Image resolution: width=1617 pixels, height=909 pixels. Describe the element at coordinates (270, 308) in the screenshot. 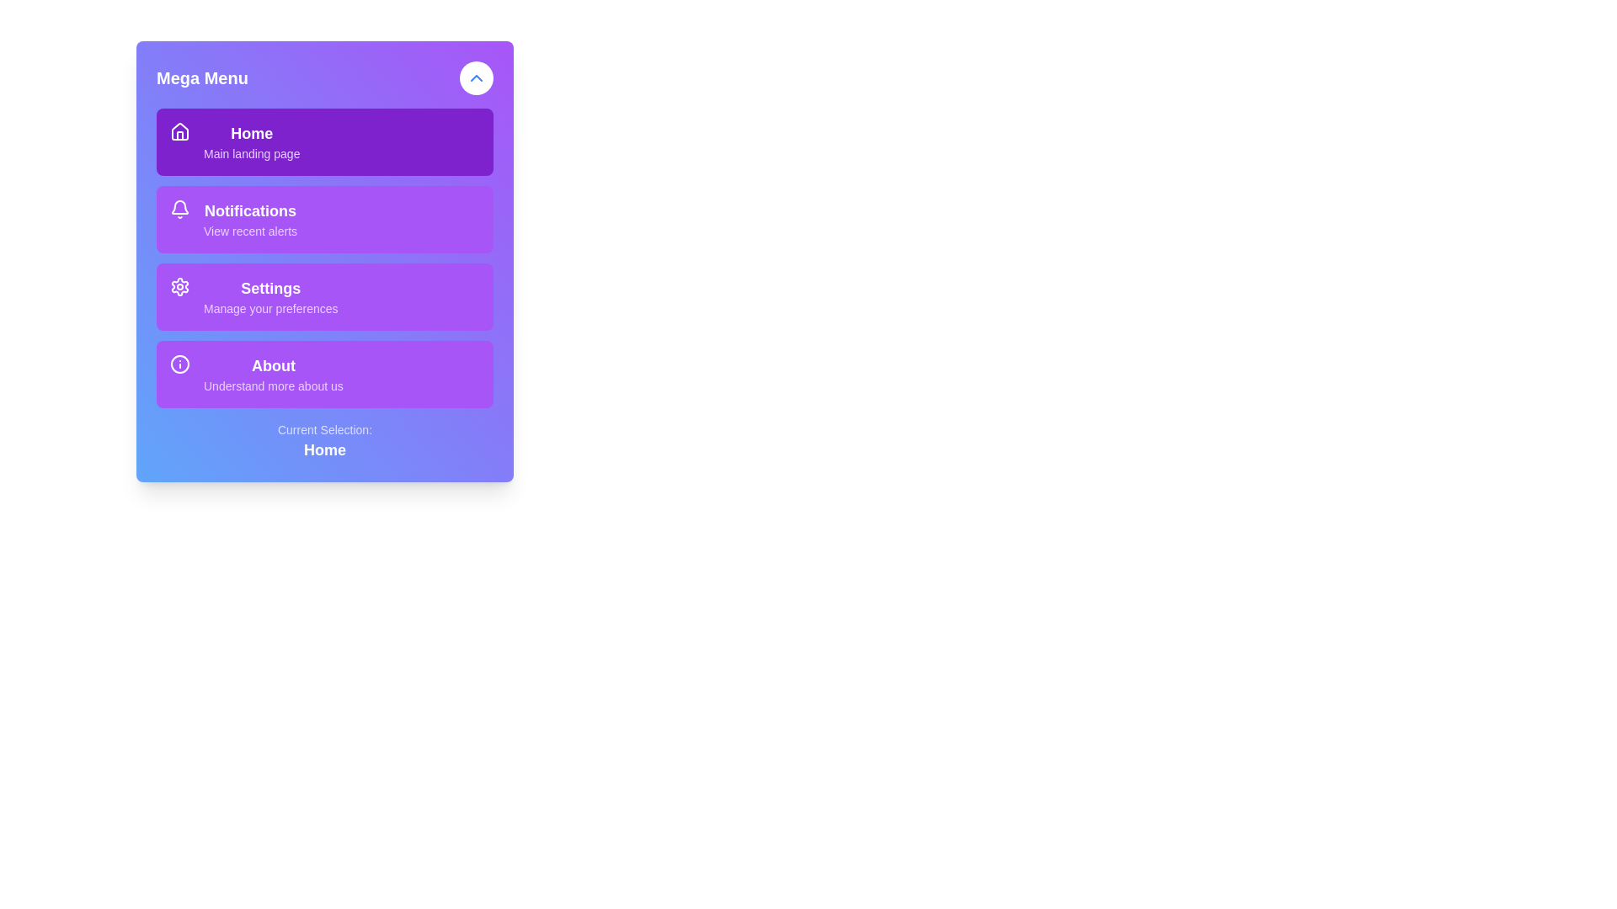

I see `the descriptive subtitle text located below the 'Settings' menu item in the vertical menu with a purple background` at that location.